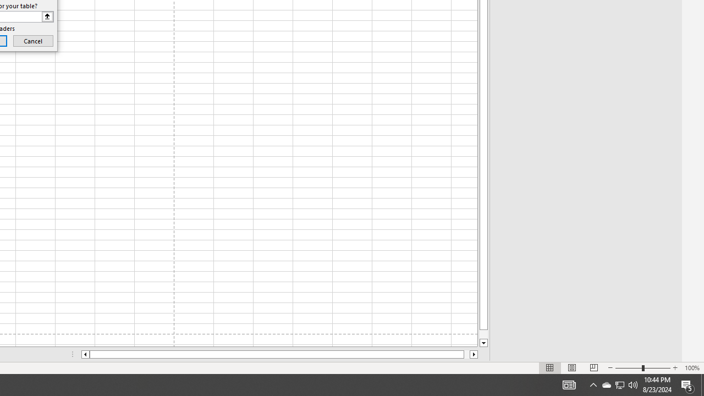 The height and width of the screenshot is (396, 704). I want to click on 'Normal', so click(550, 368).